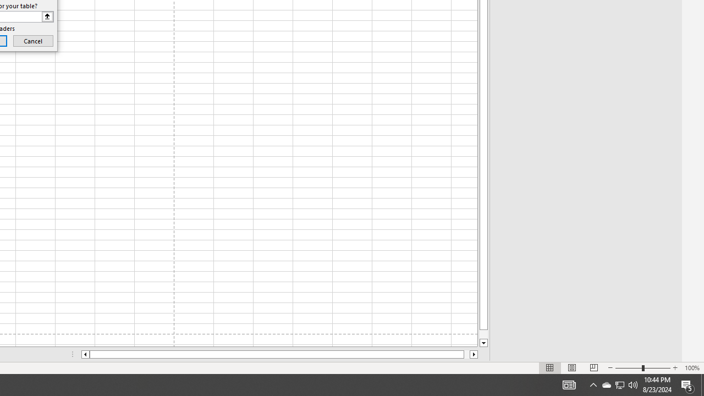 The height and width of the screenshot is (396, 704). I want to click on 'Normal', so click(550, 368).